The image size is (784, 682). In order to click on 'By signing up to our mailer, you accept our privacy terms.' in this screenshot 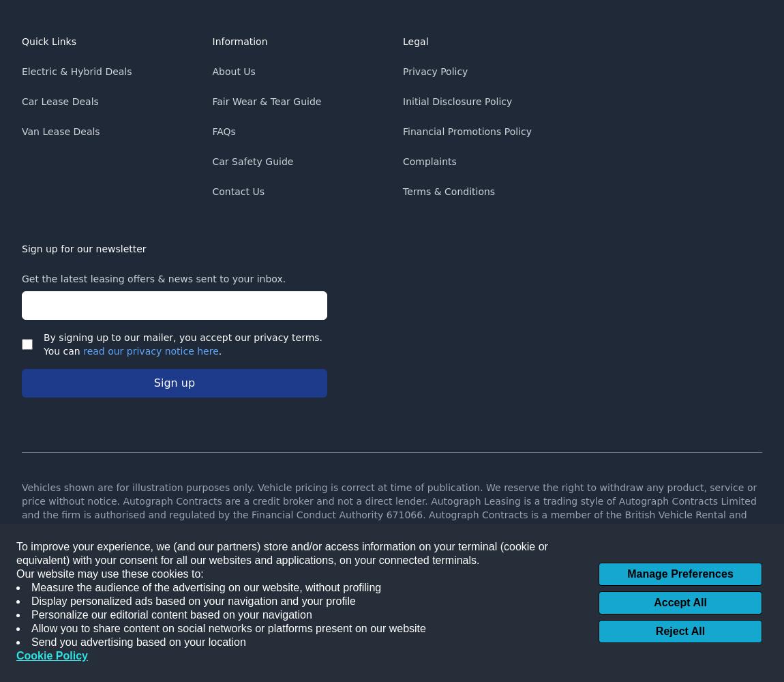, I will do `click(182, 337)`.